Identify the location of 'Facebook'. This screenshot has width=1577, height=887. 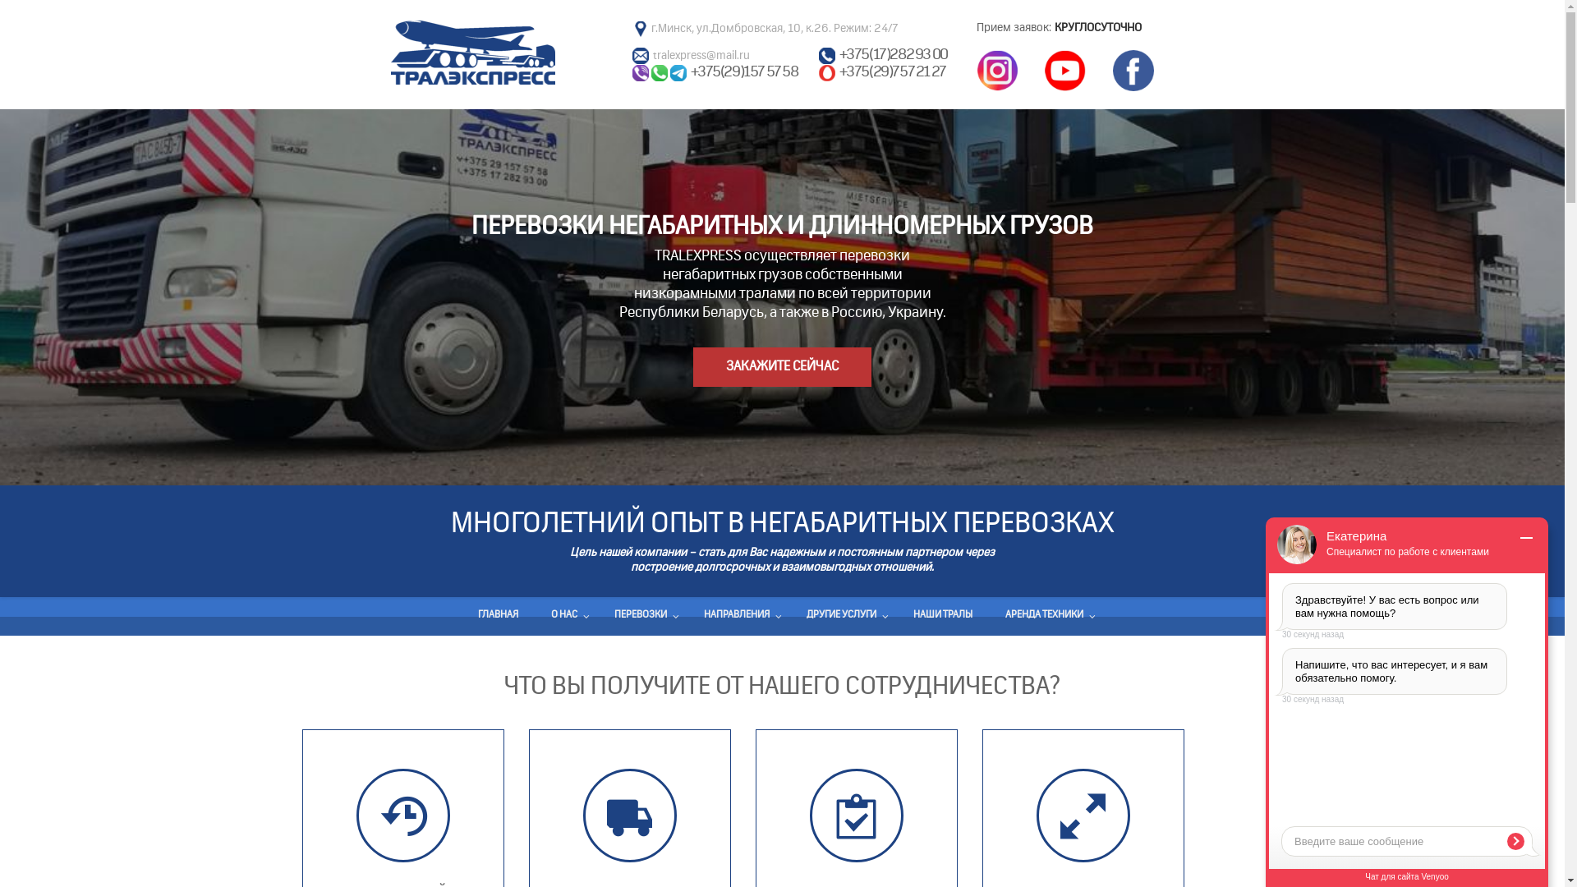
(1133, 69).